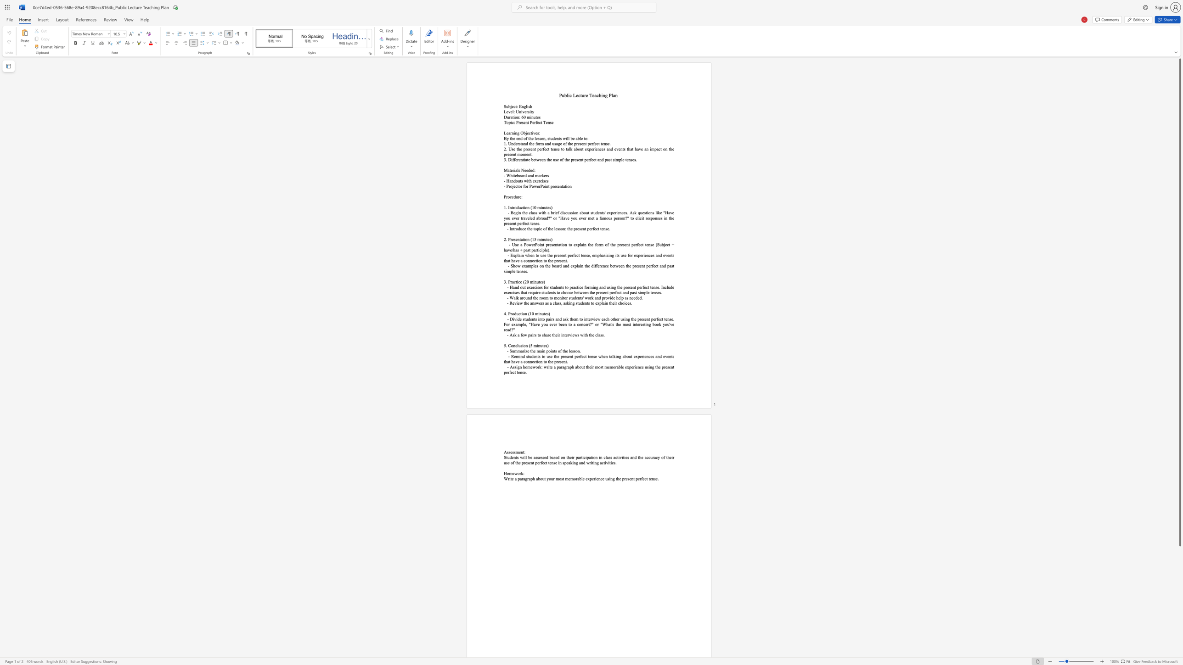 The width and height of the screenshot is (1183, 665). What do you see at coordinates (597, 335) in the screenshot?
I see `the 1th character "l" in the text` at bounding box center [597, 335].